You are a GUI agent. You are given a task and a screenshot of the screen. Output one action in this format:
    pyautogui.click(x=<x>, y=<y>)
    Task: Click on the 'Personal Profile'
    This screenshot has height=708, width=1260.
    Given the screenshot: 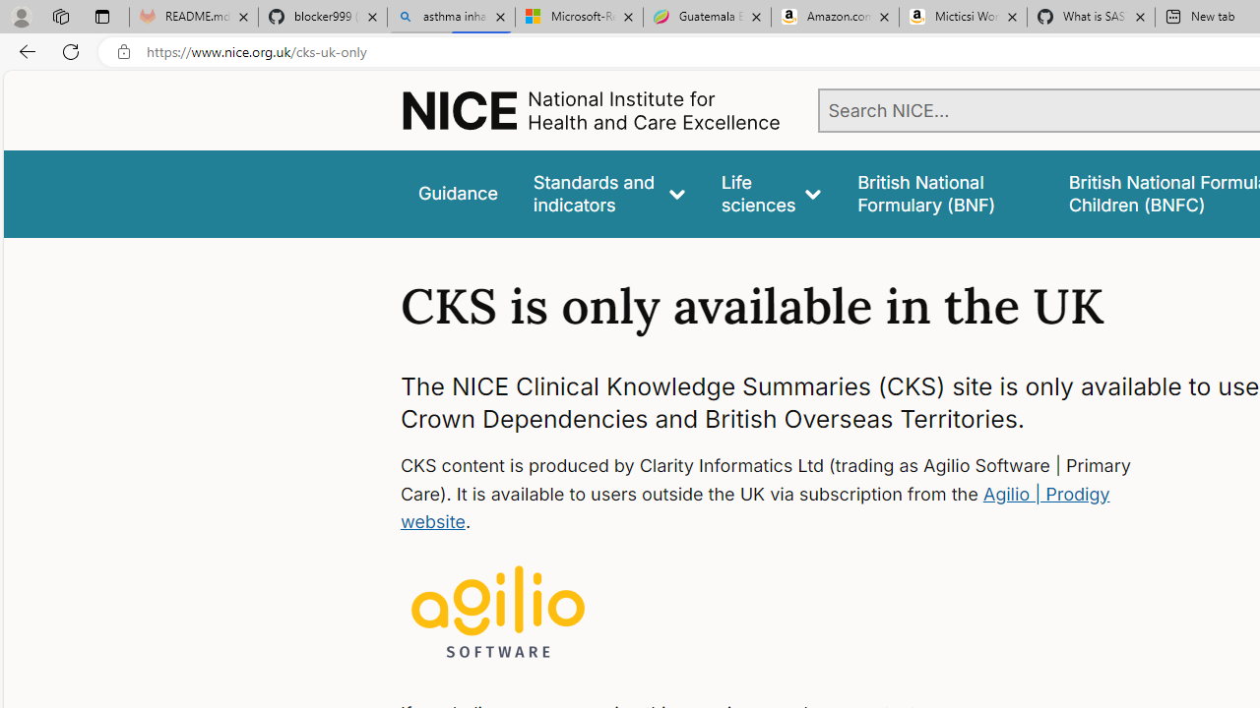 What is the action you would take?
    pyautogui.click(x=21, y=16)
    